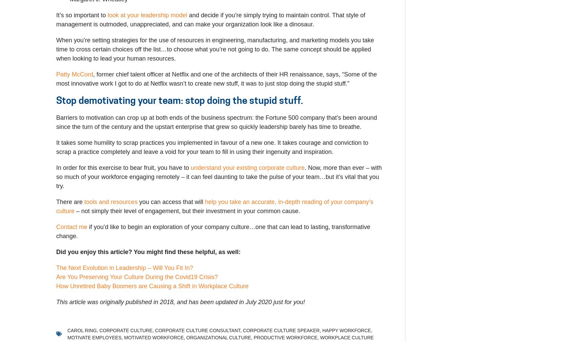 This screenshot has width=573, height=342. I want to click on 'Did you enjoy this article? You might find these helpful, as well:', so click(148, 251).